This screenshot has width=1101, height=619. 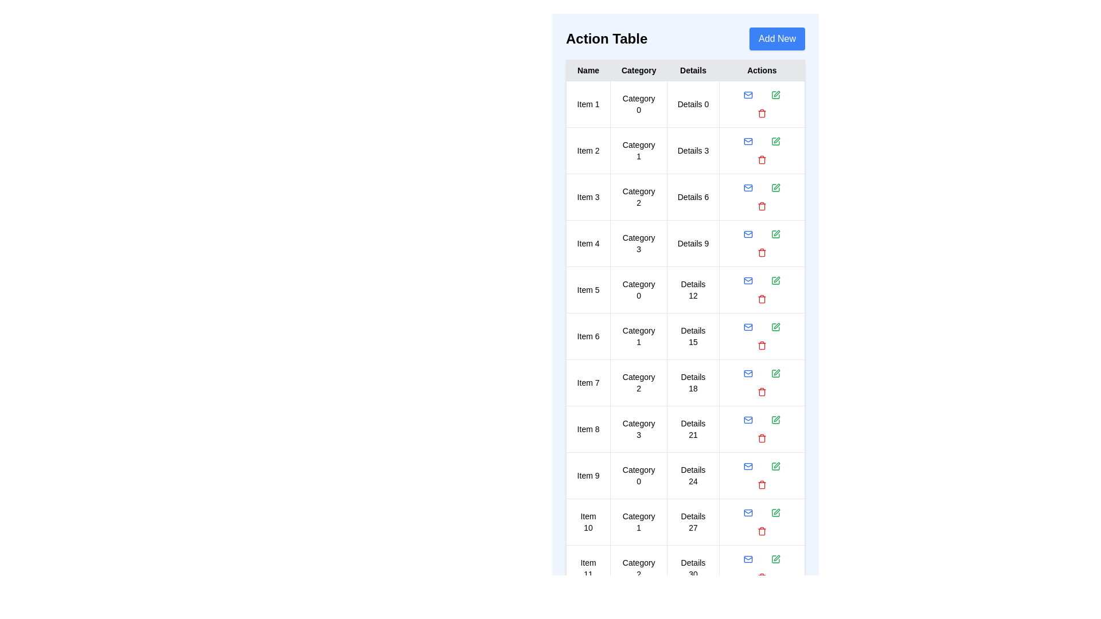 What do you see at coordinates (588, 70) in the screenshot?
I see `the table header Name to sort or filter the table by that column` at bounding box center [588, 70].